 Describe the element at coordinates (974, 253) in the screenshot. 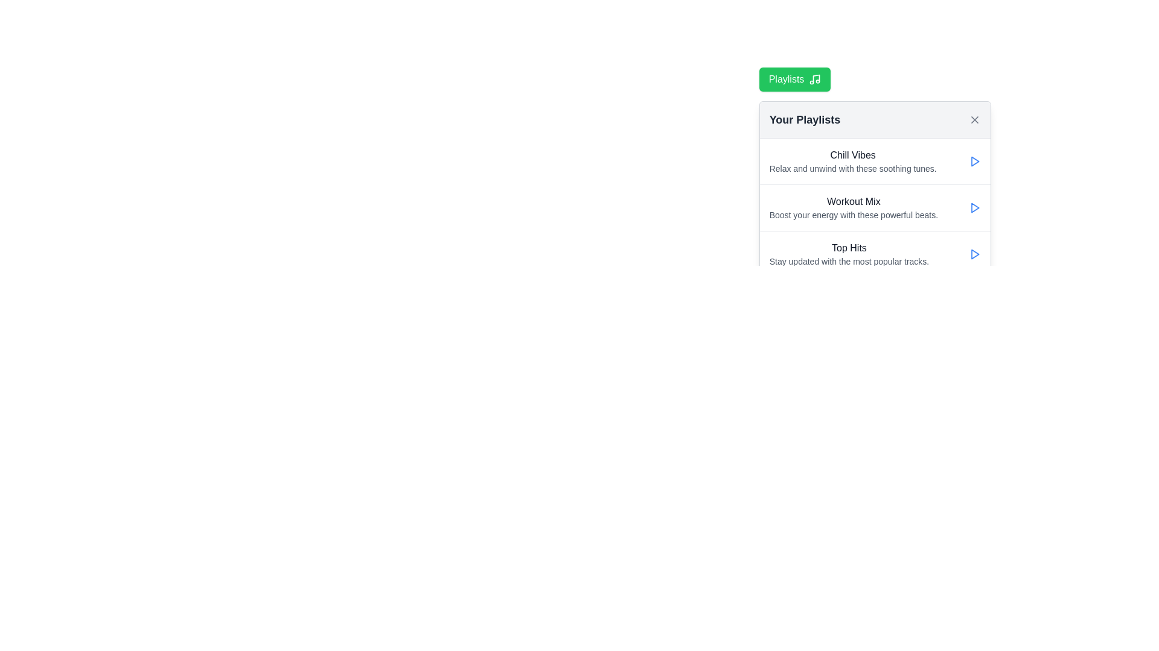

I see `the button located at the far-right end of the 'Top Hits' section in the playlist panel` at that location.